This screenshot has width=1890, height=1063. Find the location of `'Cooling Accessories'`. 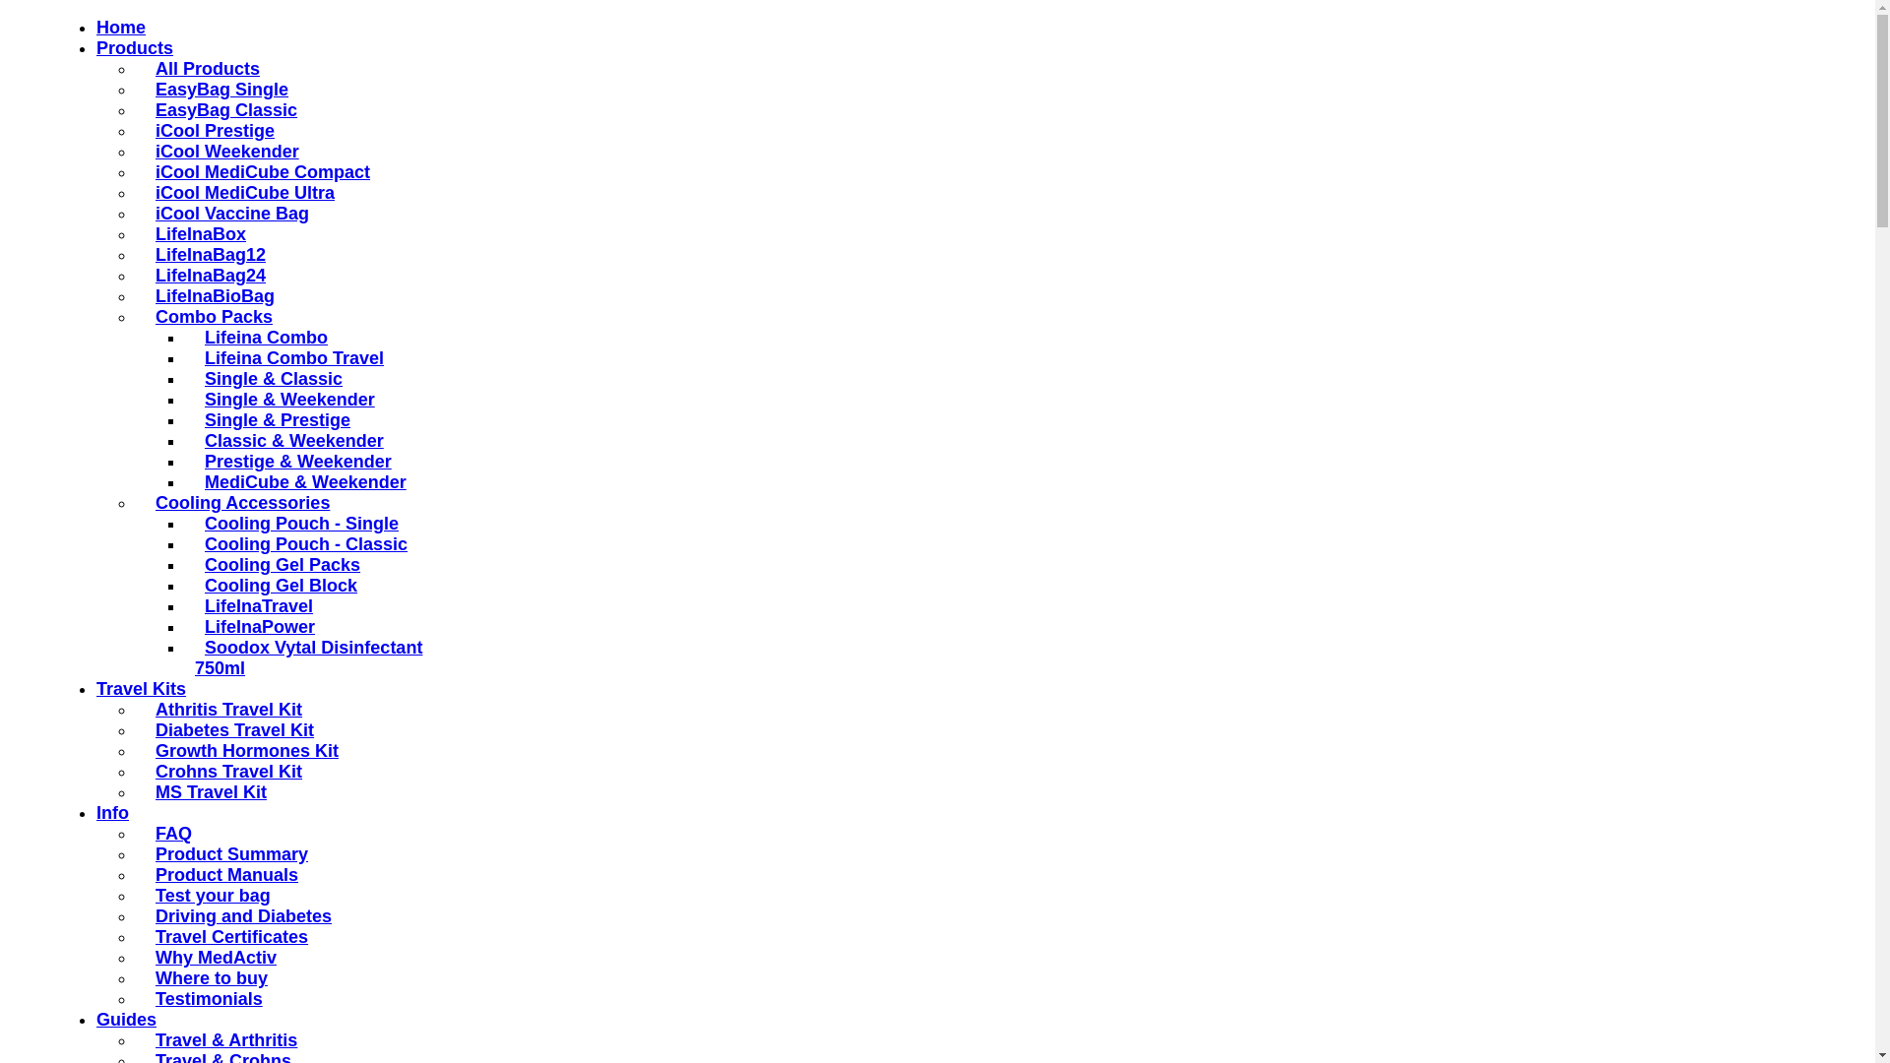

'Cooling Accessories' is located at coordinates (236, 501).